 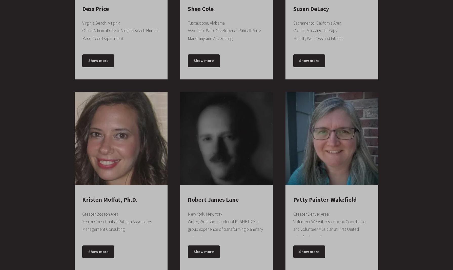 What do you see at coordinates (332, 35) in the screenshot?
I see `'June 2002 – Present'` at bounding box center [332, 35].